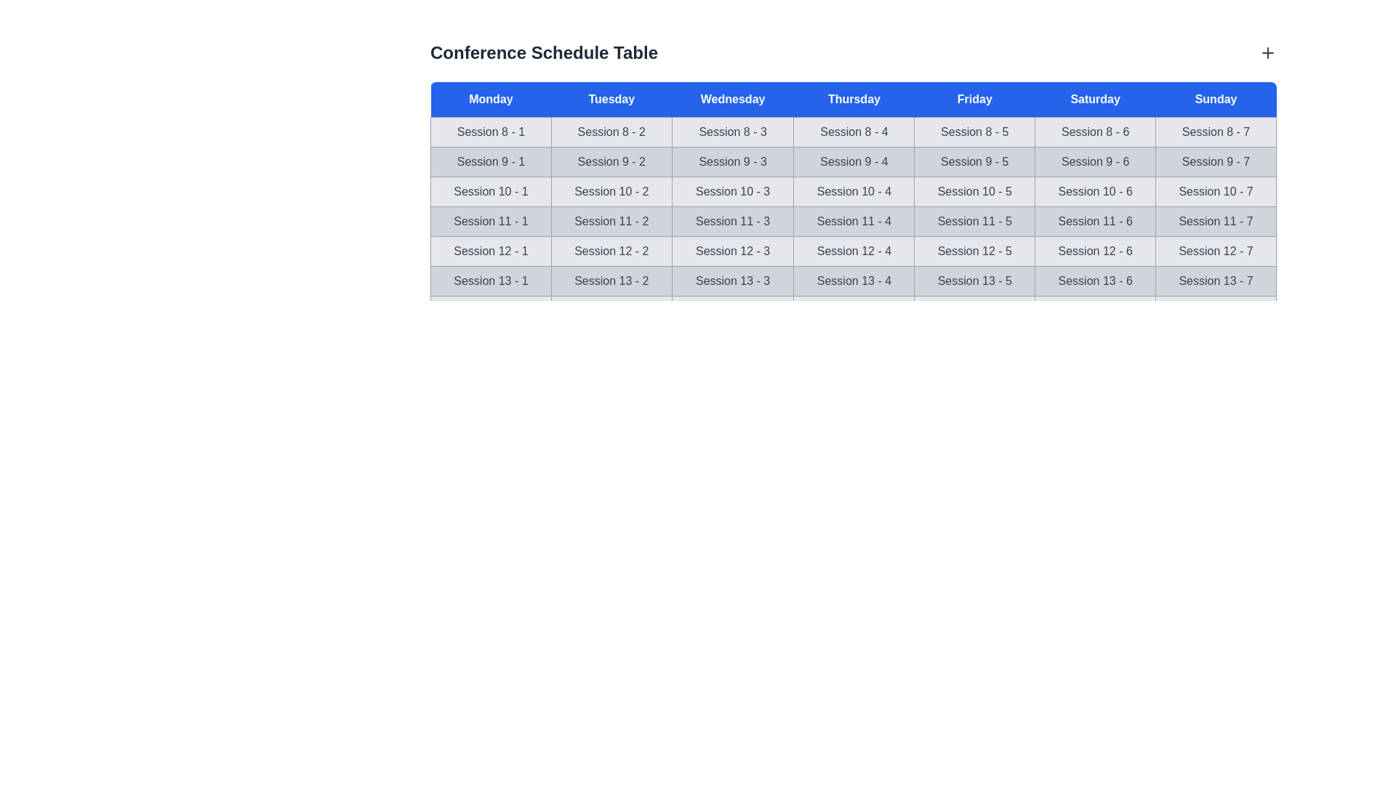 The height and width of the screenshot is (785, 1396). What do you see at coordinates (854, 99) in the screenshot?
I see `the header for Thursday to sort or view details` at bounding box center [854, 99].